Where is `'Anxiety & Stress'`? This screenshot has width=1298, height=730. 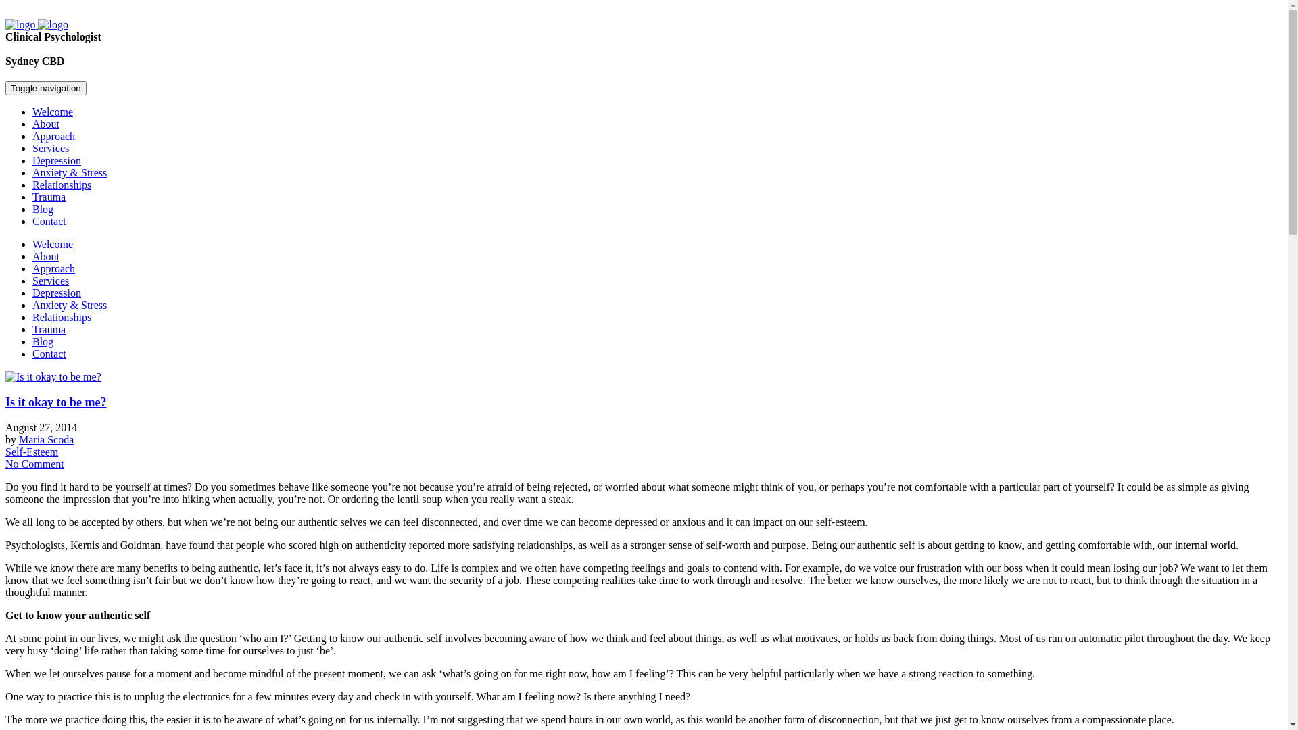
'Anxiety & Stress' is located at coordinates (68, 305).